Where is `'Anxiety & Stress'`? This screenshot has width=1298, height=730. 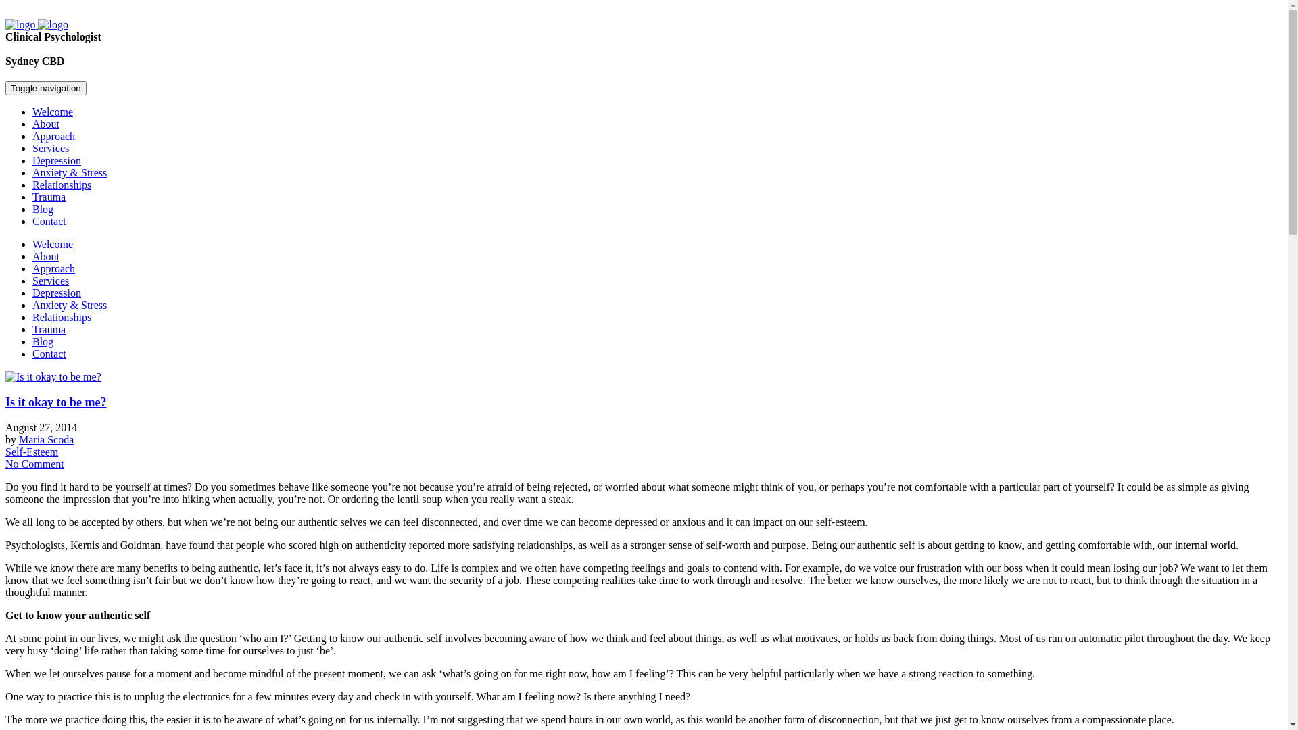
'Anxiety & Stress' is located at coordinates (68, 305).